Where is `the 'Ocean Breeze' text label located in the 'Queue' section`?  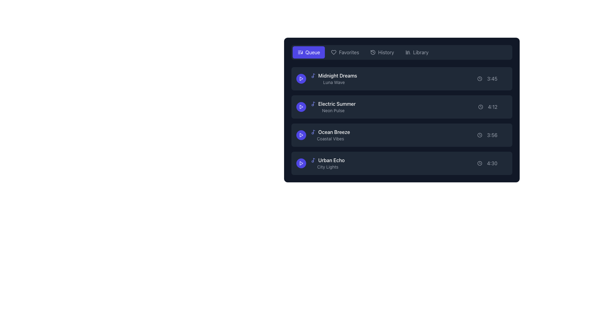
the 'Ocean Breeze' text label located in the 'Queue' section is located at coordinates (330, 135).